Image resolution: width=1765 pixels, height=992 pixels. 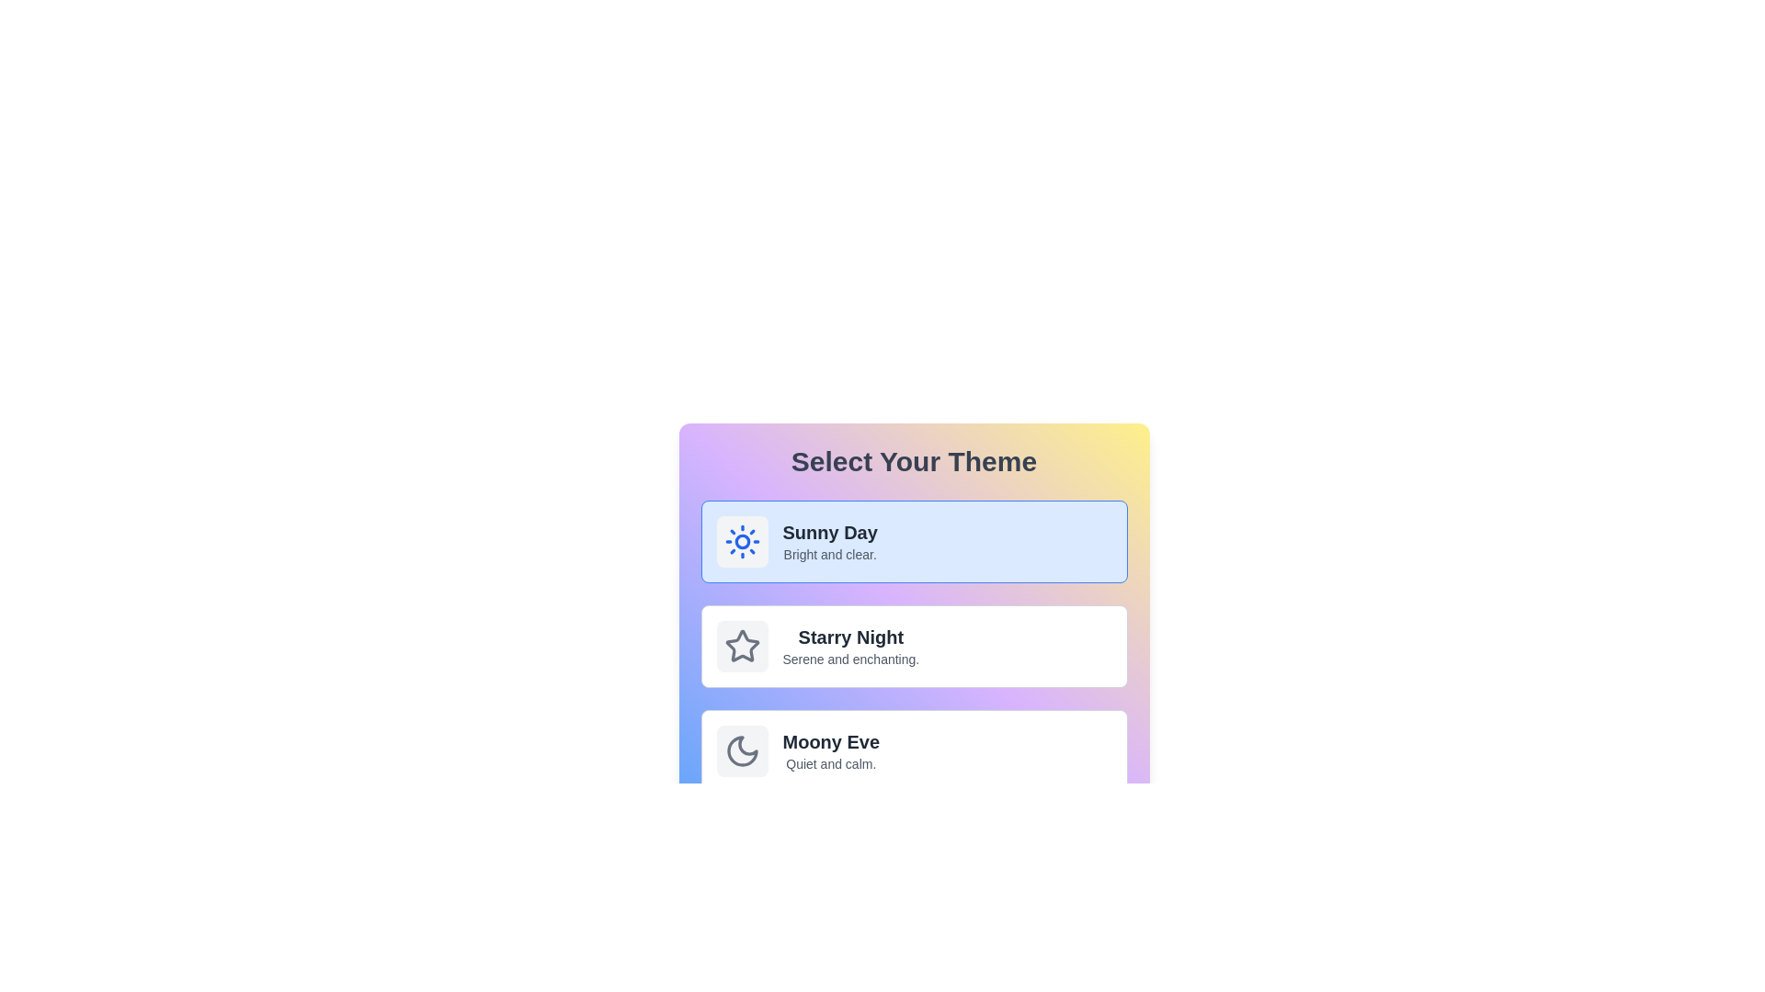 I want to click on text displayed in the third card item under the 'Select Your Theme' heading, which includes the header 'Moony Eve' in bold and the description 'Quiet and calm.' in smaller text, so click(x=830, y=750).